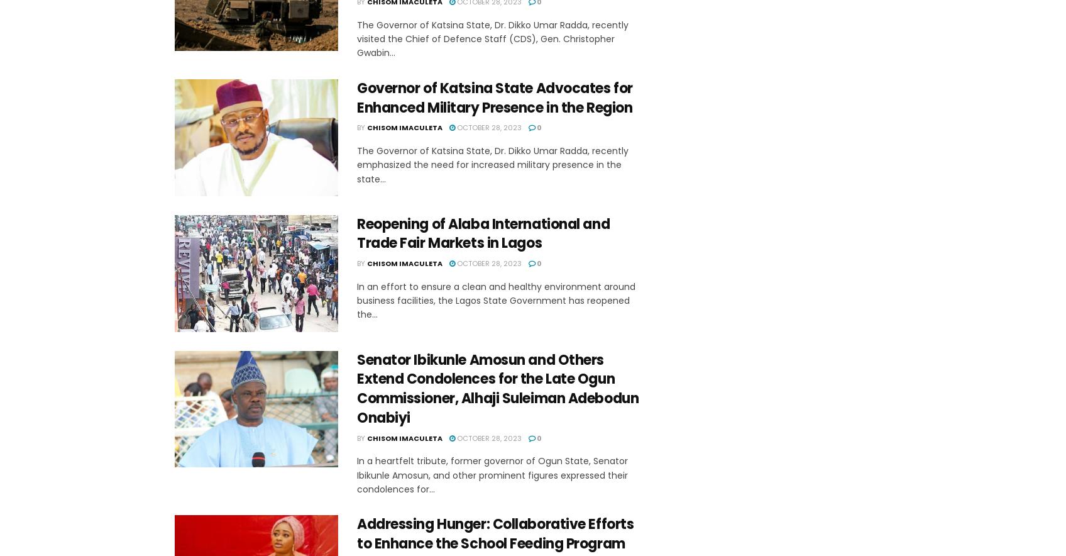 Image resolution: width=1066 pixels, height=556 pixels. What do you see at coordinates (483, 233) in the screenshot?
I see `'Reopening of Alaba International and Trade Fair Markets in Lagos'` at bounding box center [483, 233].